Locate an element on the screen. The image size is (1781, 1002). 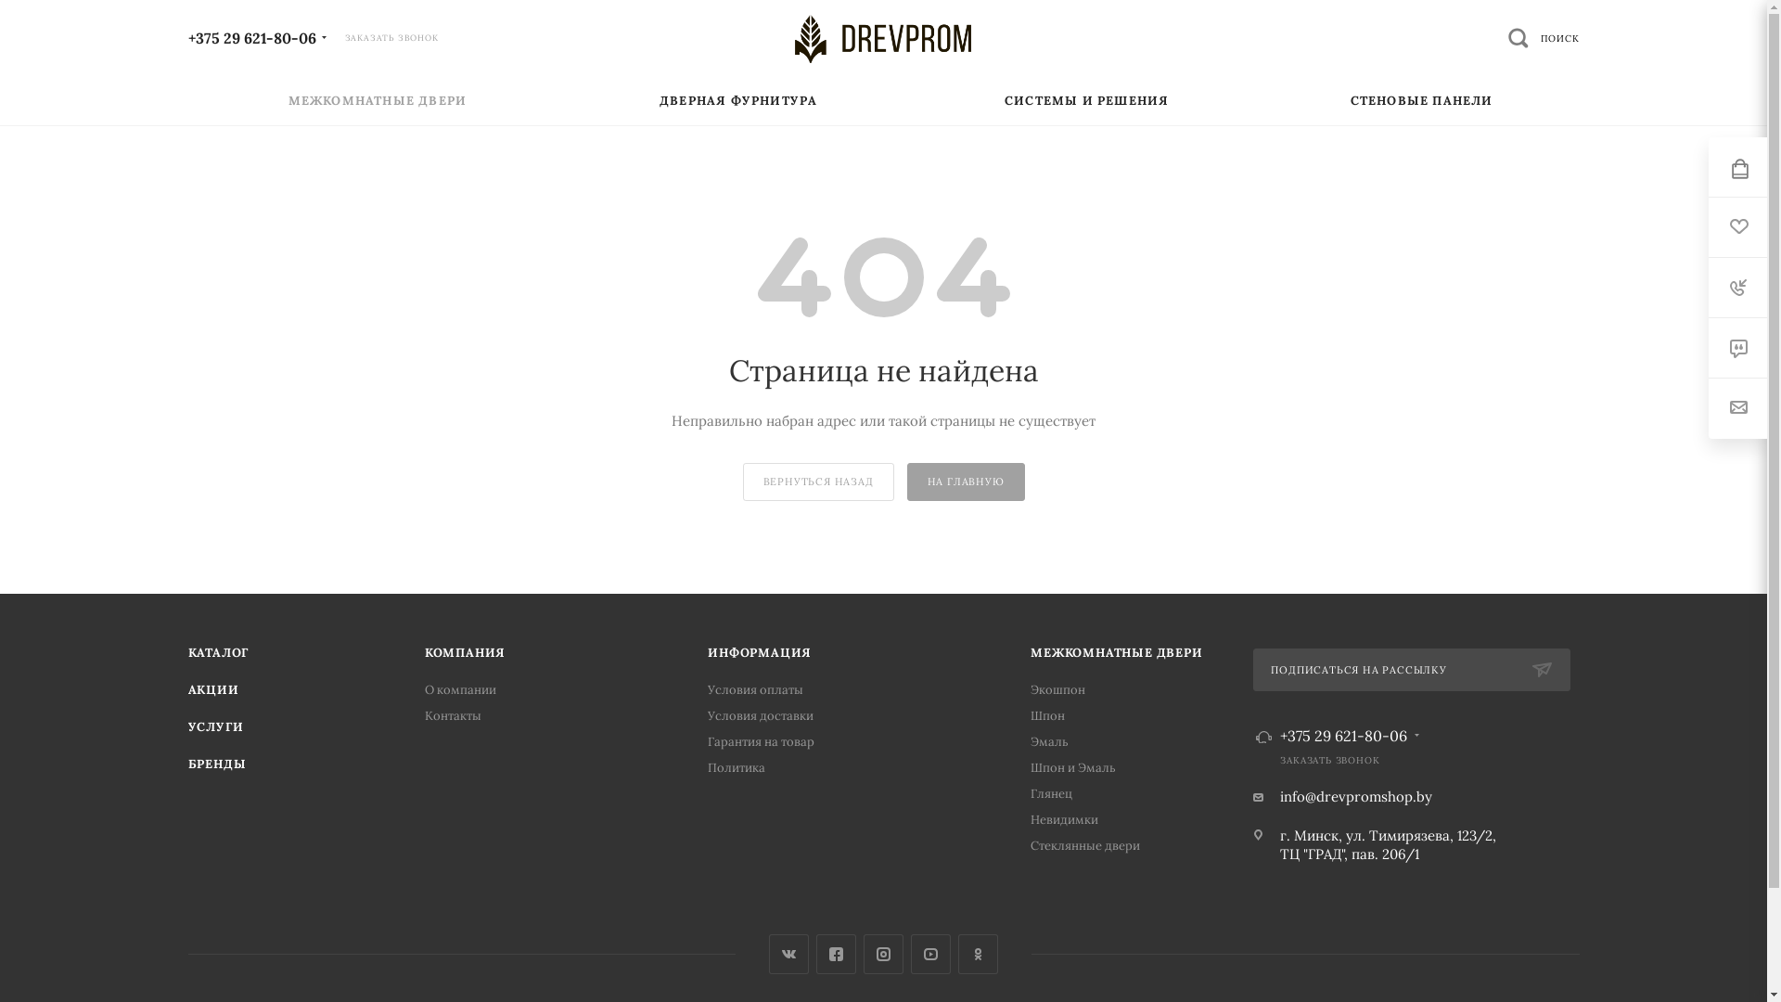
'DREVPROM' is located at coordinates (881, 39).